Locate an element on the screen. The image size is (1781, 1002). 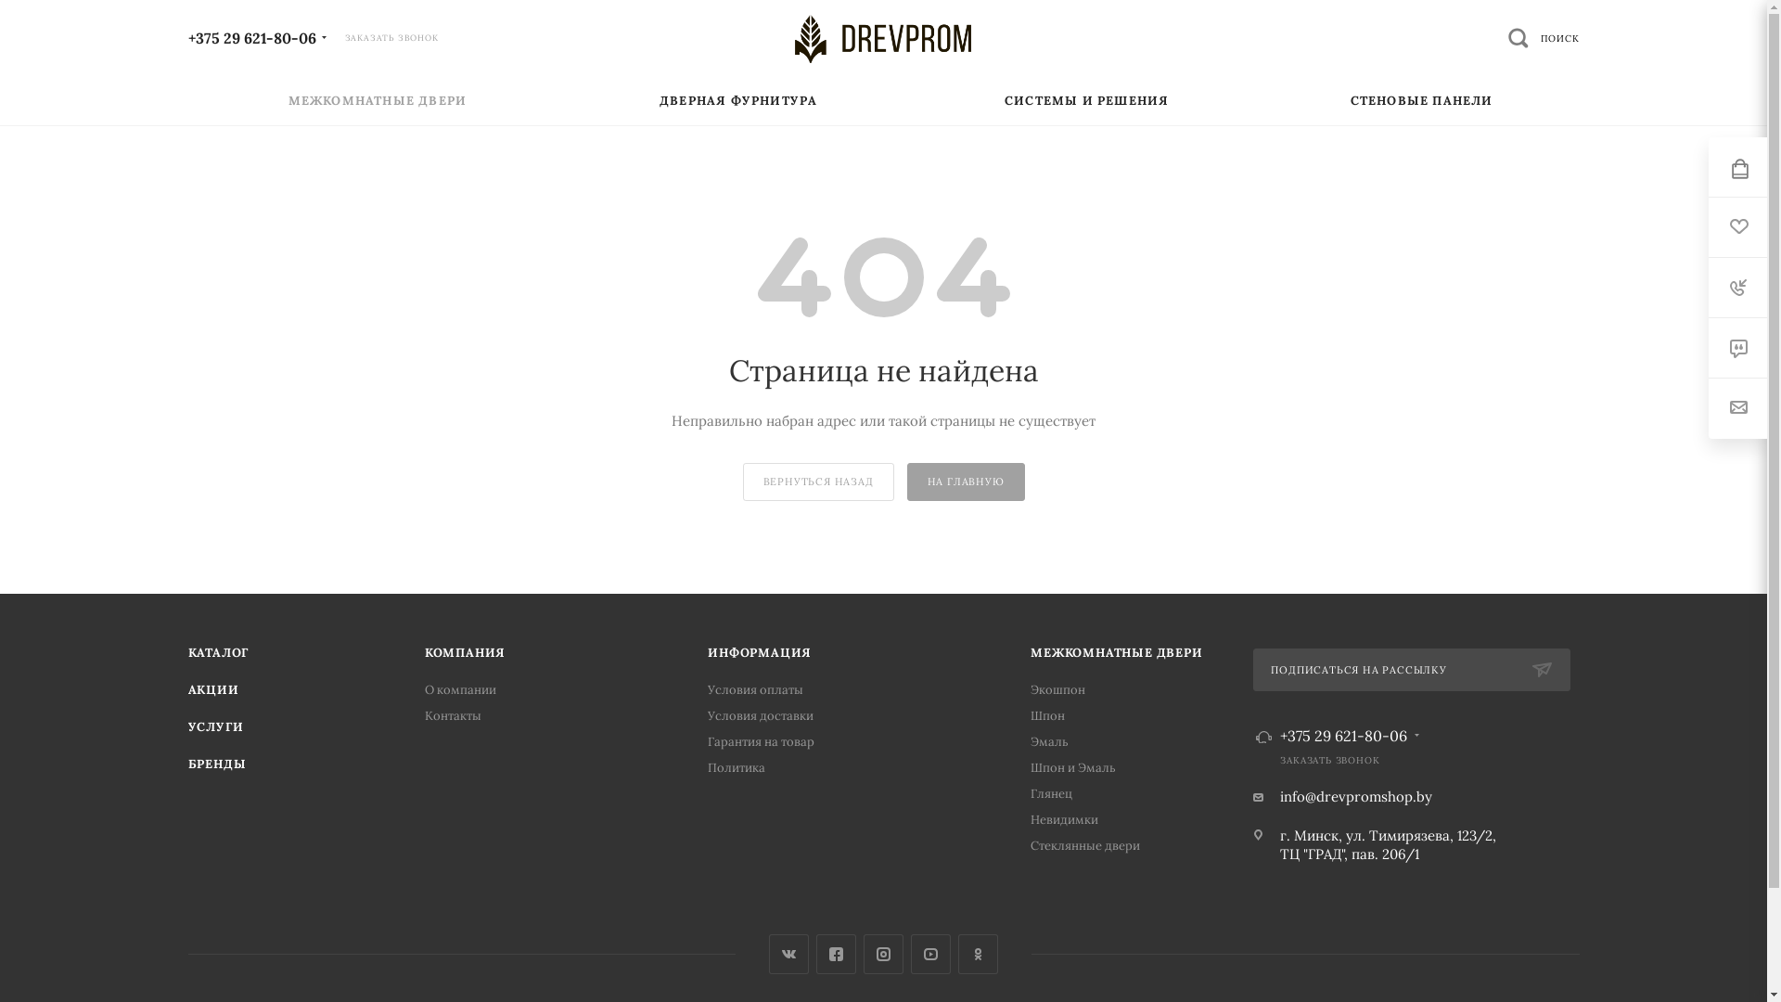
'DREVPROM' is located at coordinates (881, 39).